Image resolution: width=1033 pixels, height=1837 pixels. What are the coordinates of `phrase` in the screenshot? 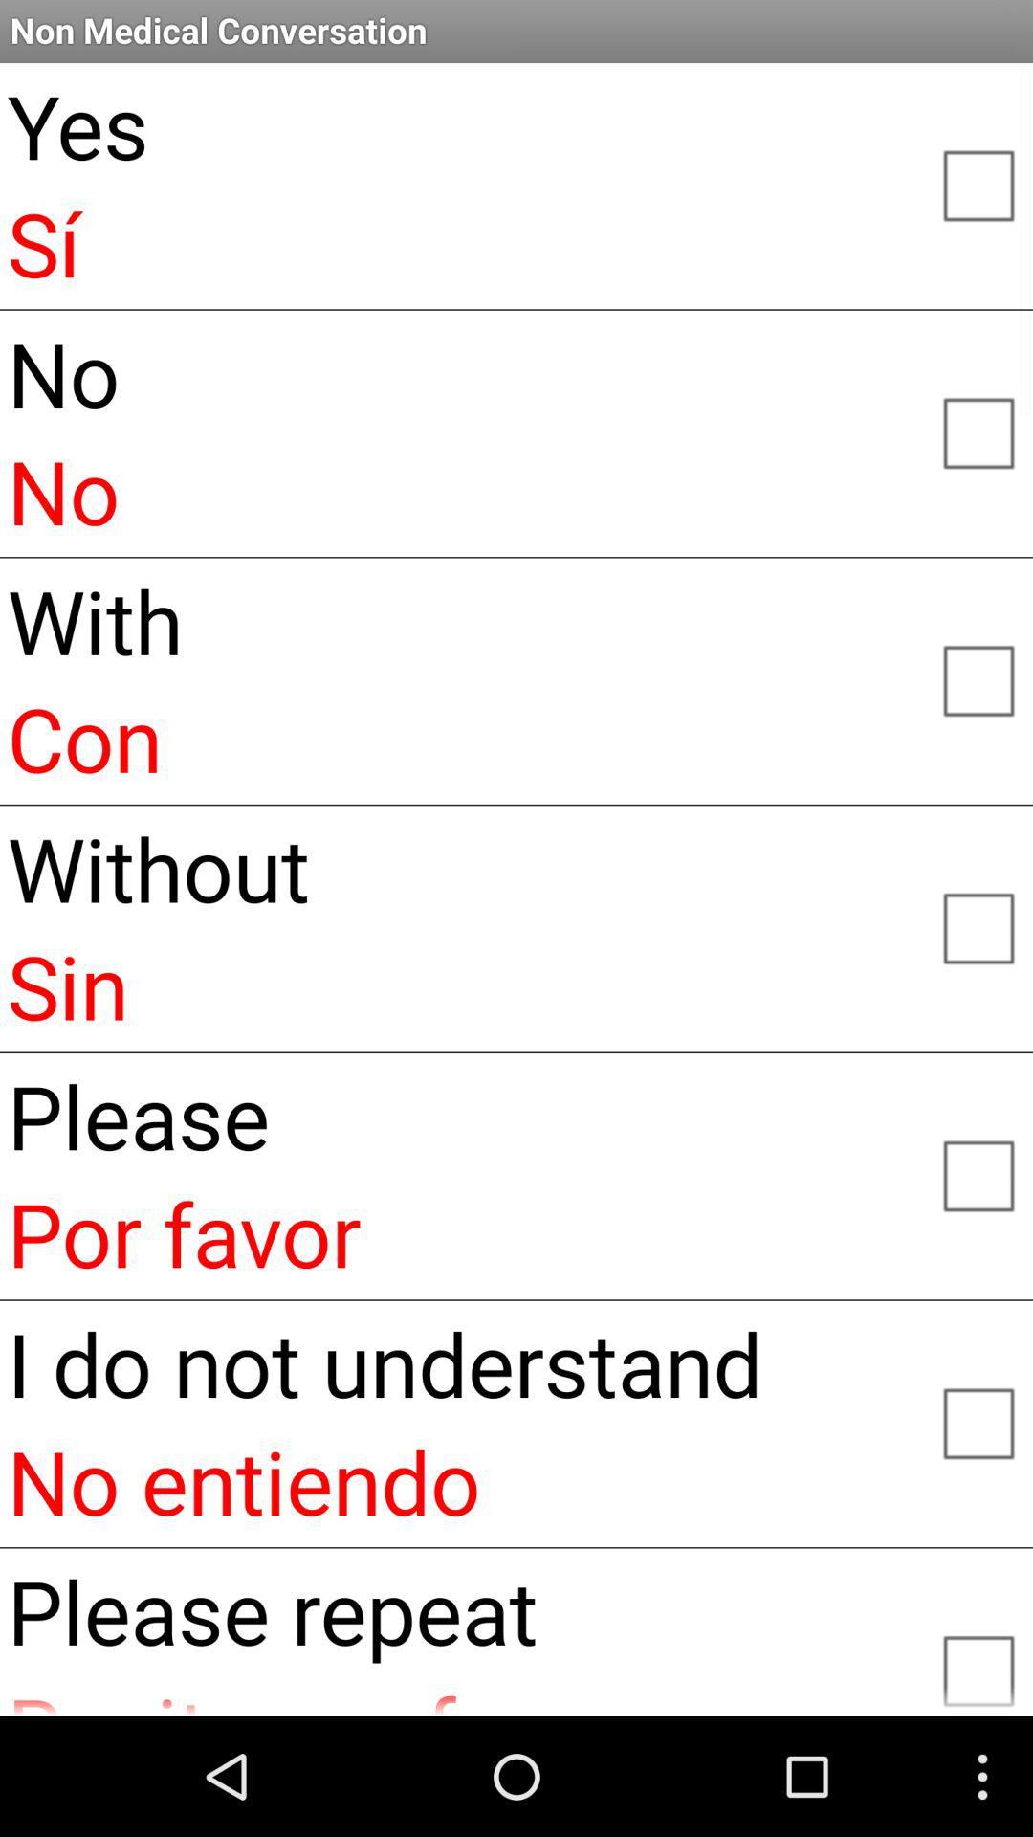 It's located at (978, 1662).